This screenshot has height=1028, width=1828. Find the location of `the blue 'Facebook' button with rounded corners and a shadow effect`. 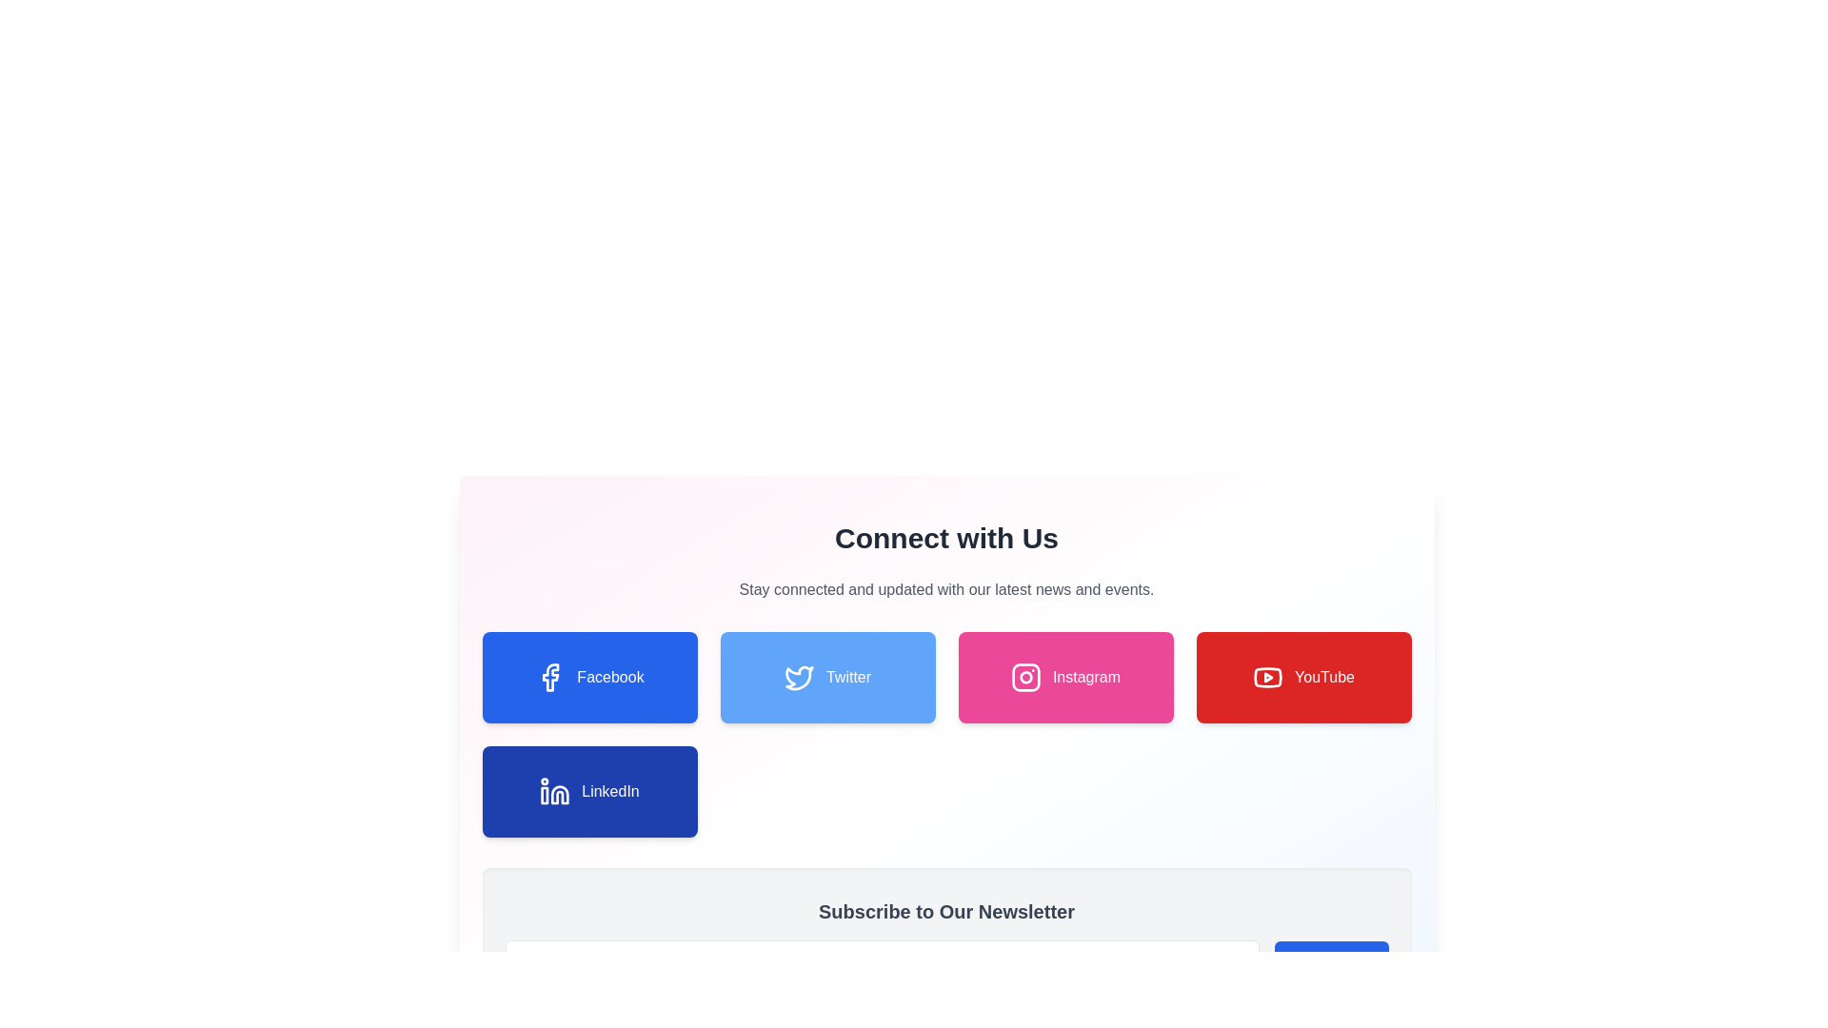

the blue 'Facebook' button with rounded corners and a shadow effect is located at coordinates (588, 677).